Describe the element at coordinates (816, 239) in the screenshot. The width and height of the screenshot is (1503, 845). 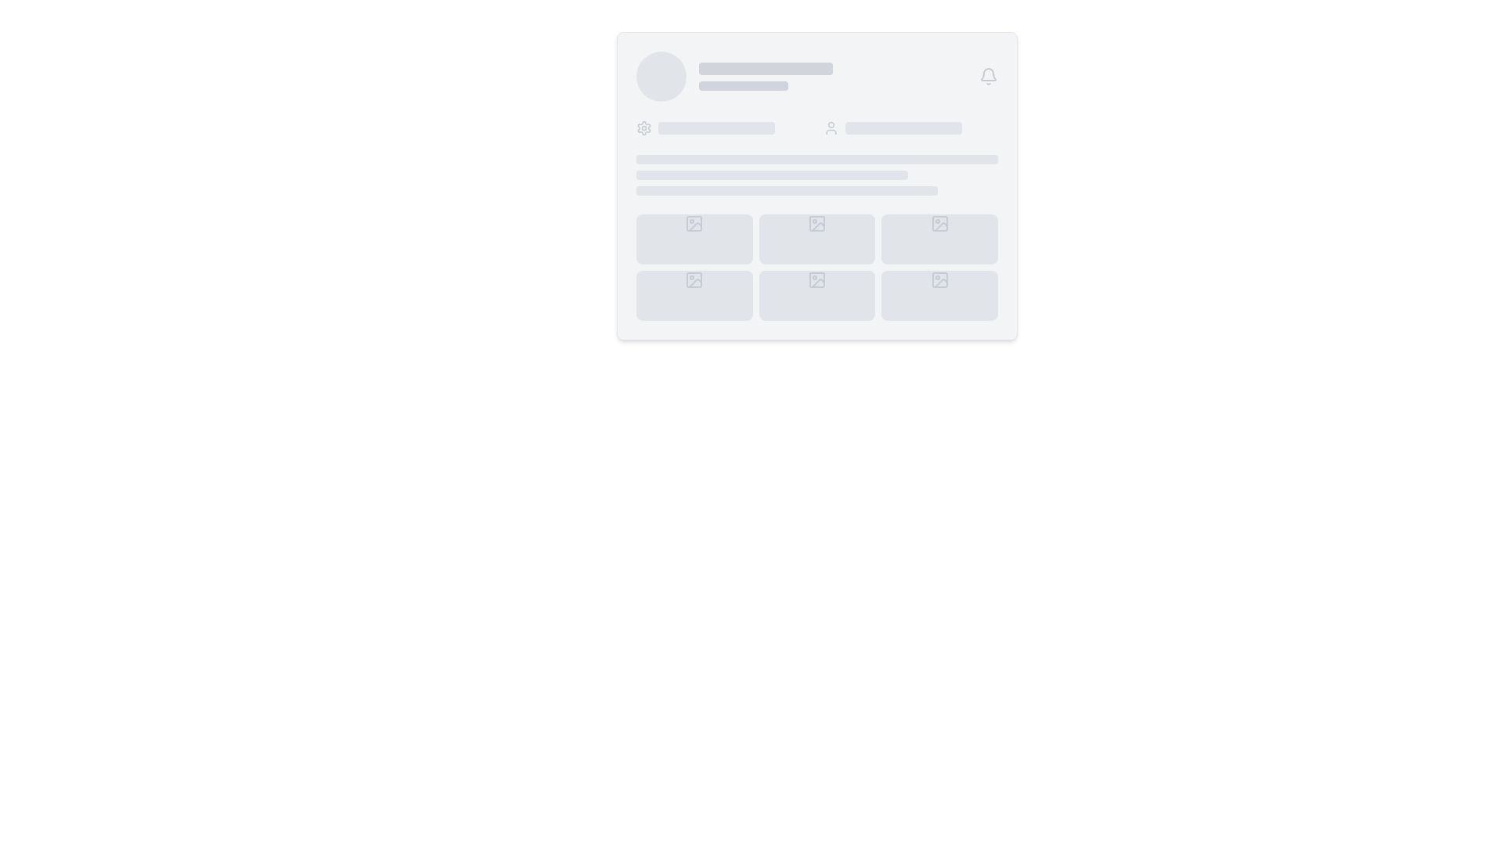
I see `the rectangular placeholder with a grey background and rounded border located in the second column of the first row of a three-column grid` at that location.